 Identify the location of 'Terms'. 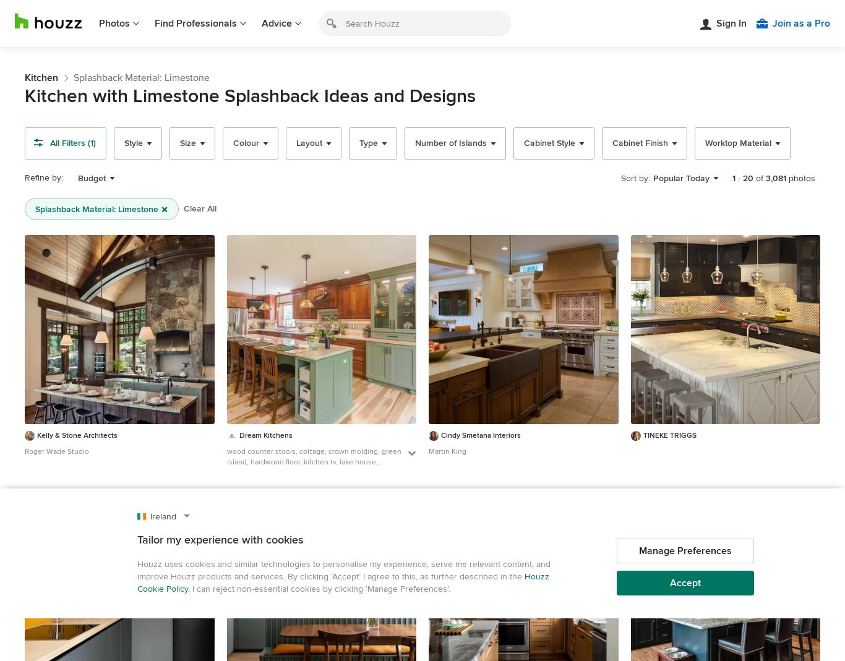
(628, 600).